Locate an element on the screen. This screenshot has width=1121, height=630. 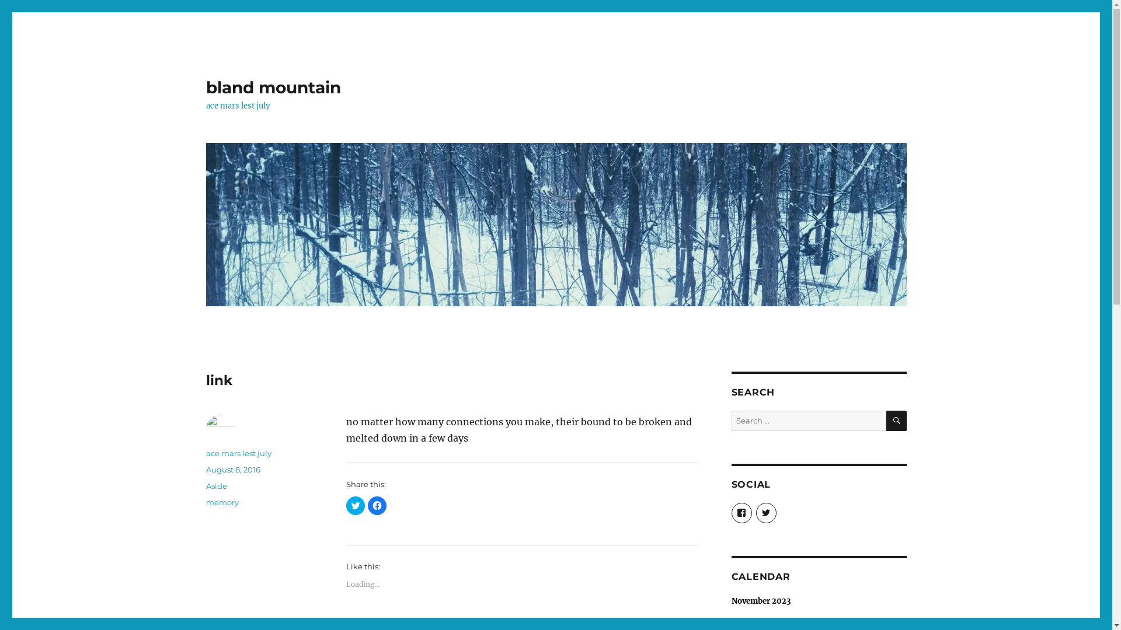
'Click to share on Twitter (Opens in new window)' is located at coordinates (344, 505).